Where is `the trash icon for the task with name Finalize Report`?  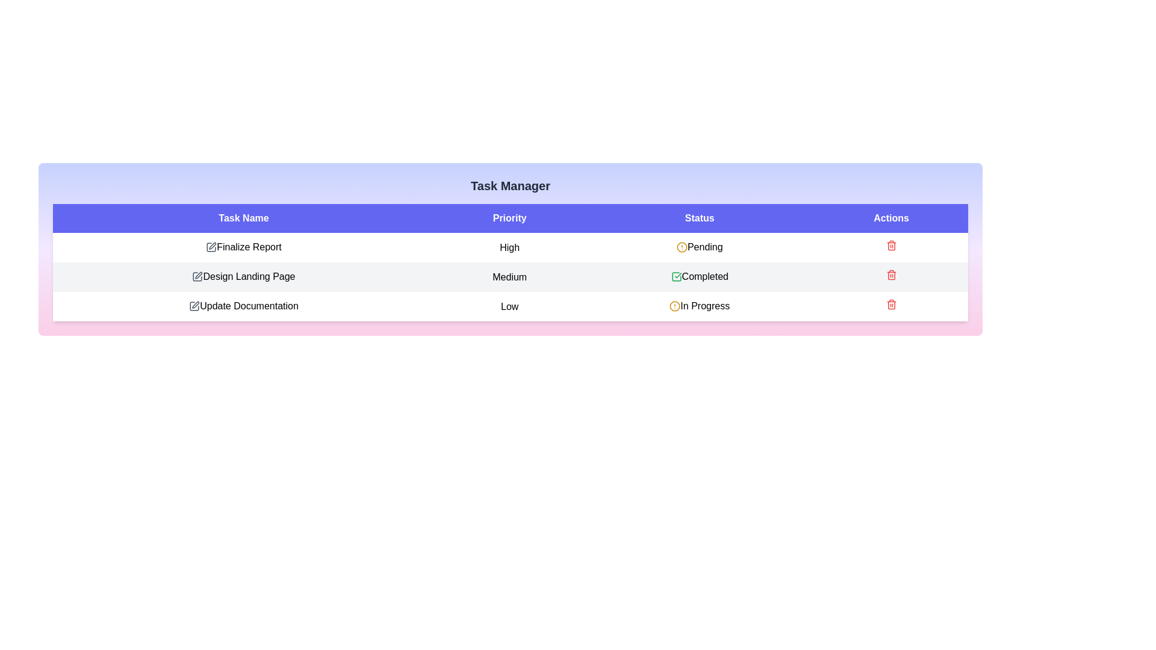 the trash icon for the task with name Finalize Report is located at coordinates (891, 245).